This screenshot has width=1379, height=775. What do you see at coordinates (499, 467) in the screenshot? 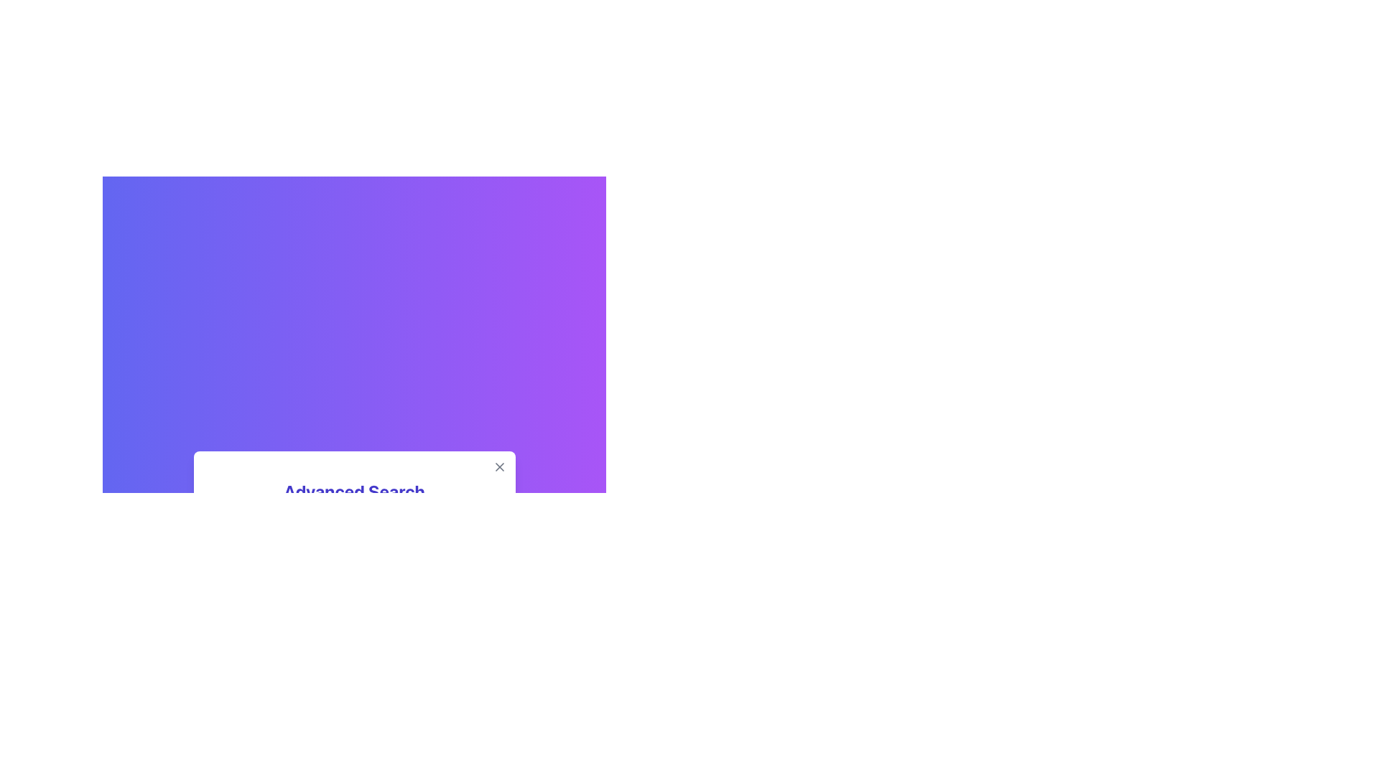
I see `the close button located at the top-right corner of the card interface, next to the 'Advanced Search' title` at bounding box center [499, 467].